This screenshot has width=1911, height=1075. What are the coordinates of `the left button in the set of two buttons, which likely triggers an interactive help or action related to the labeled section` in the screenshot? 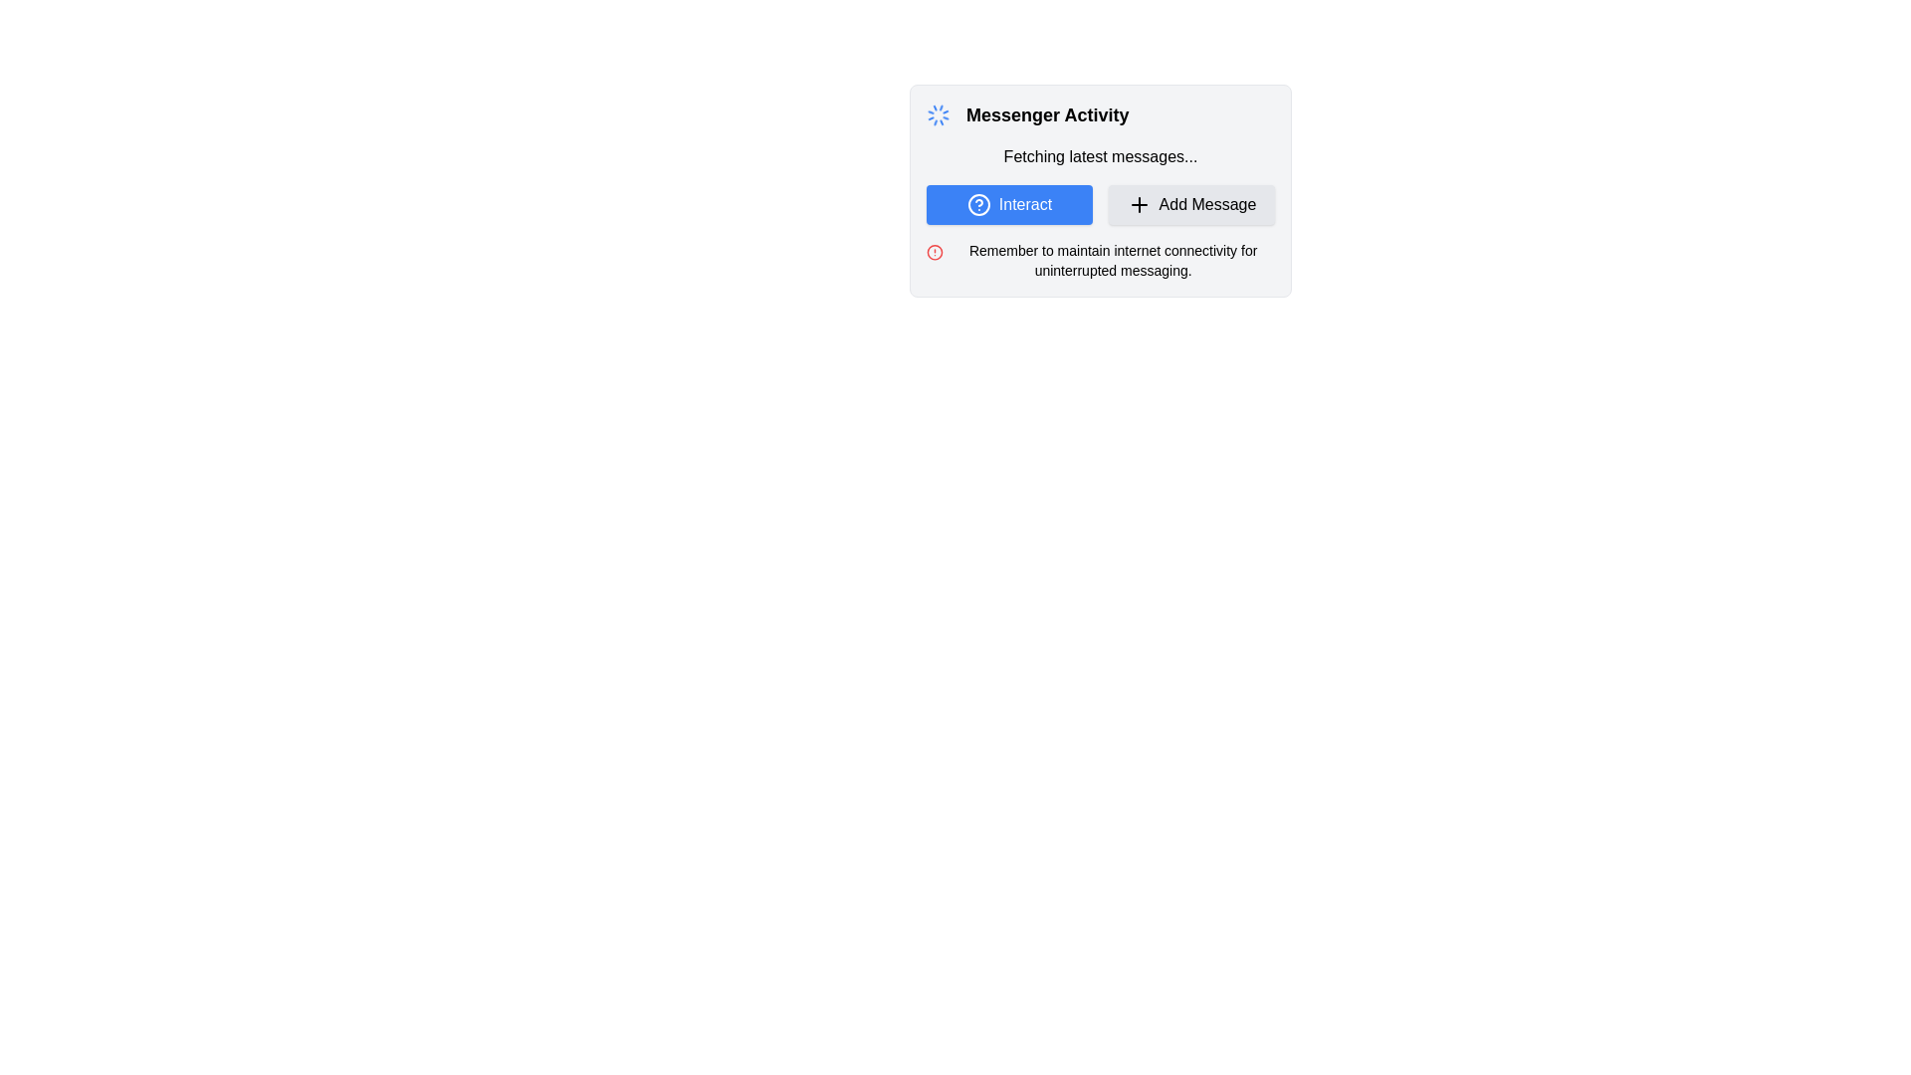 It's located at (1009, 204).